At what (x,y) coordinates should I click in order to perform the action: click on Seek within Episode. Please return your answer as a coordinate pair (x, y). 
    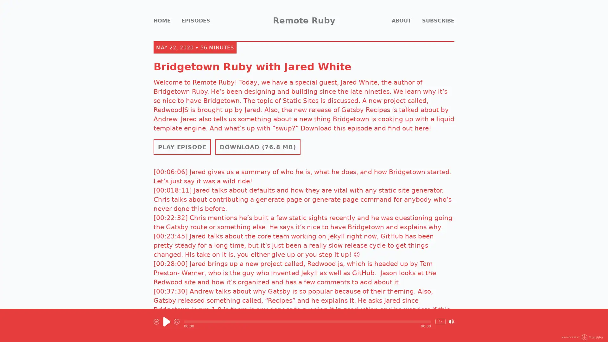
    Looking at the image, I should click on (307, 321).